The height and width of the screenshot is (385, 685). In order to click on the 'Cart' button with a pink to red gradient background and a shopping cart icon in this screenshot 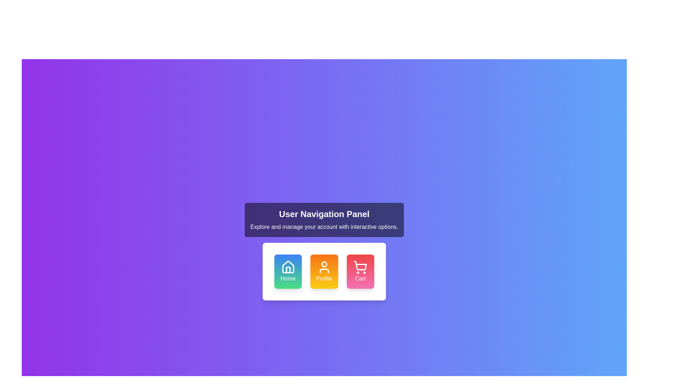, I will do `click(360, 272)`.